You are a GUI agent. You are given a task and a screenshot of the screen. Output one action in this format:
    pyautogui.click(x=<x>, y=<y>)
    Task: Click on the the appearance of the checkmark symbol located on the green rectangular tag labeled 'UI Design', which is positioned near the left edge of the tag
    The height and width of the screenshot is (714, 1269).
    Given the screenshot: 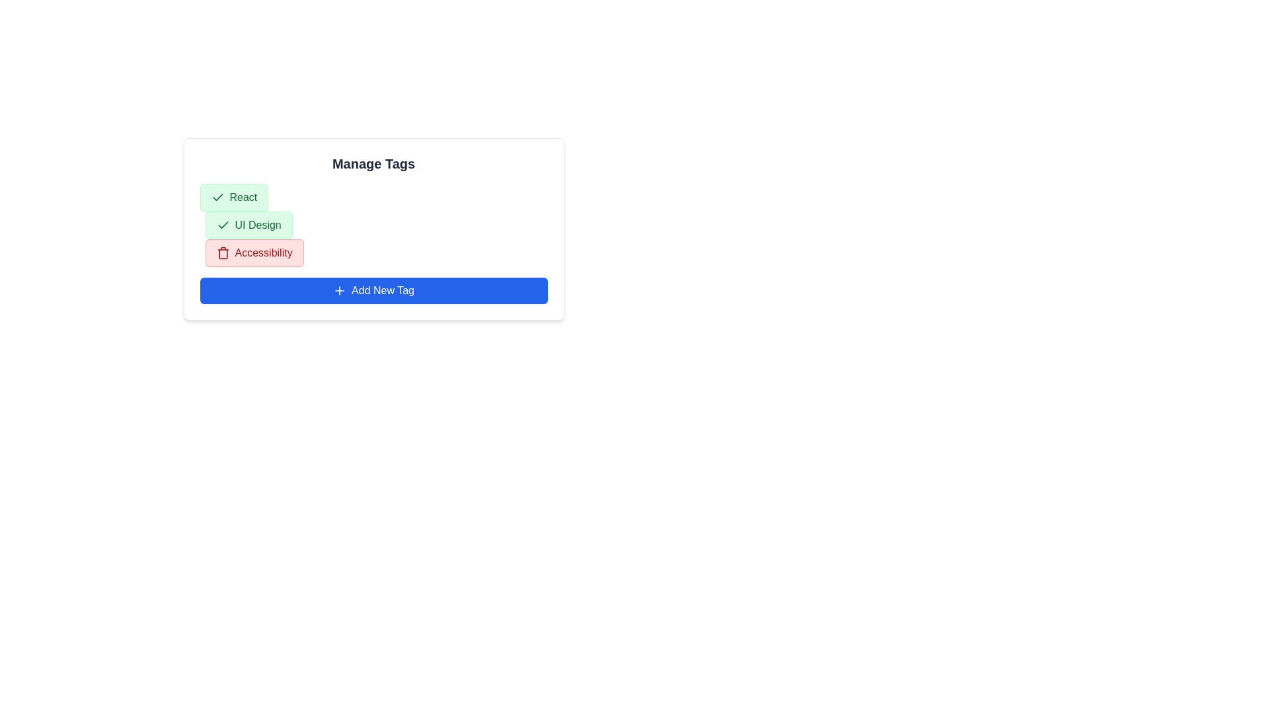 What is the action you would take?
    pyautogui.click(x=217, y=197)
    